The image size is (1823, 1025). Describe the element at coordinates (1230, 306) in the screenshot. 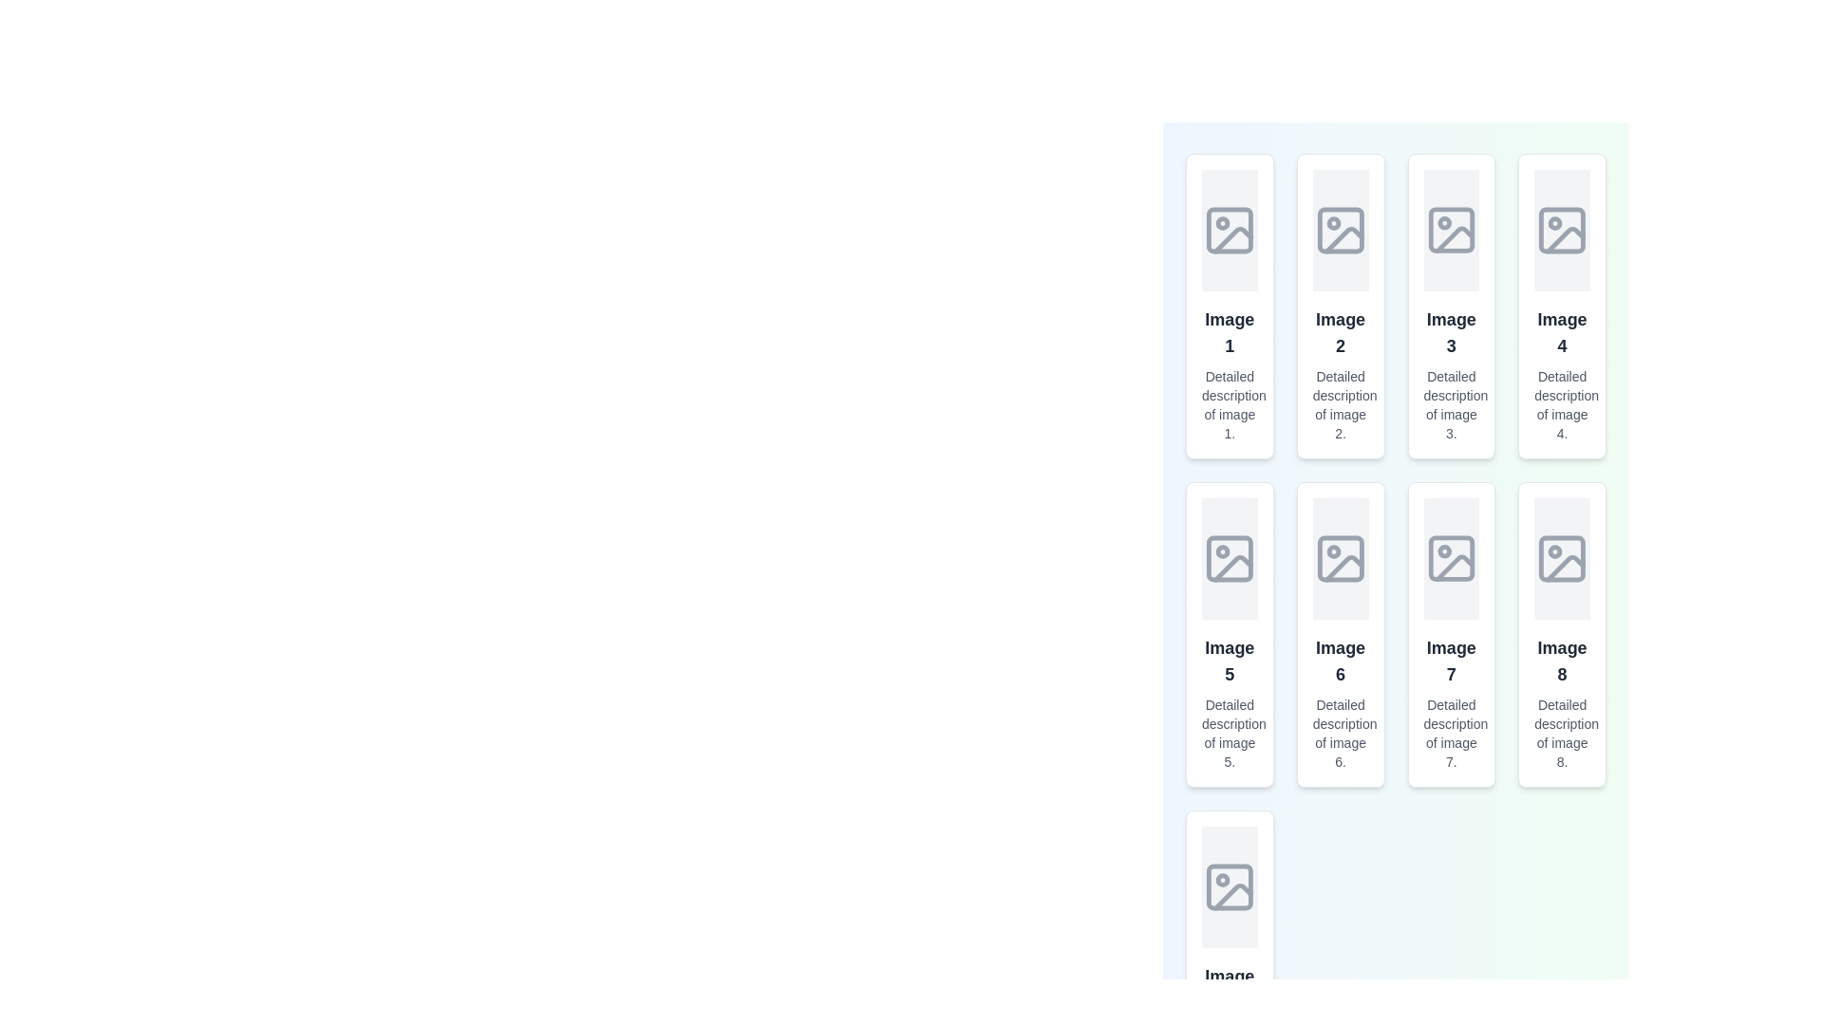

I see `the Content Card located in the top-left corner of the grid layout, which displays an image or related content item with a title and brief description` at that location.